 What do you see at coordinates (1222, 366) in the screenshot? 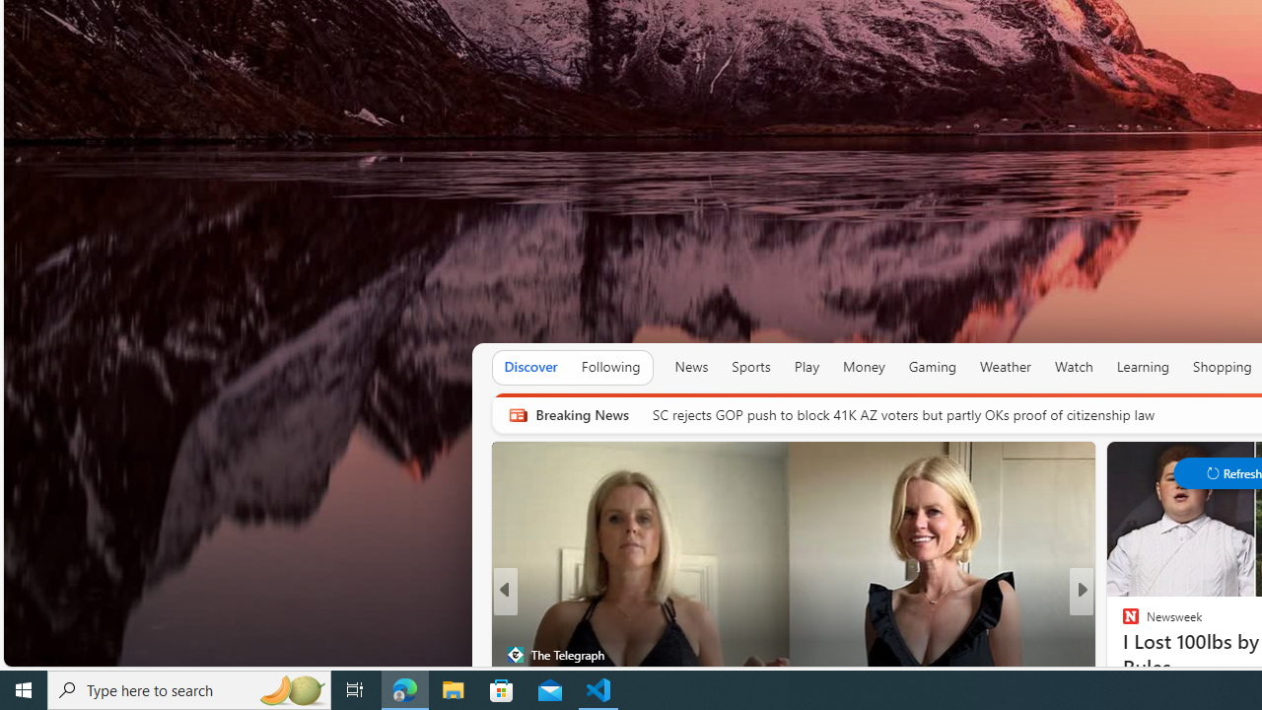
I see `'Shopping'` at bounding box center [1222, 366].